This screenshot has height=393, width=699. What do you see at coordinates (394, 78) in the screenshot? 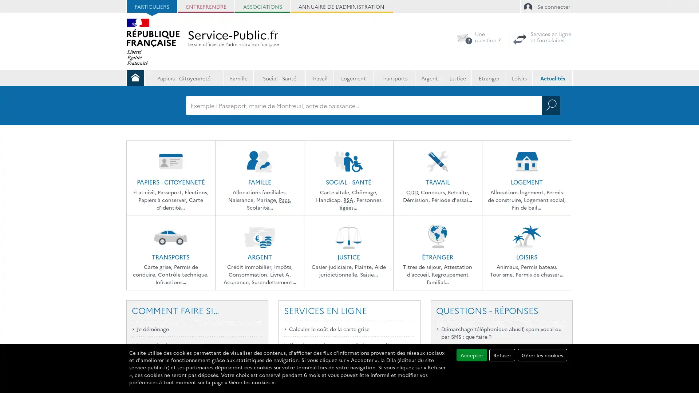
I see `Transports` at bounding box center [394, 78].